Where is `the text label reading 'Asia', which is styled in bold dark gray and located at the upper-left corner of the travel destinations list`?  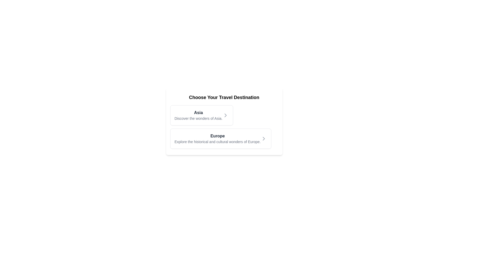 the text label reading 'Asia', which is styled in bold dark gray and located at the upper-left corner of the travel destinations list is located at coordinates (198, 113).